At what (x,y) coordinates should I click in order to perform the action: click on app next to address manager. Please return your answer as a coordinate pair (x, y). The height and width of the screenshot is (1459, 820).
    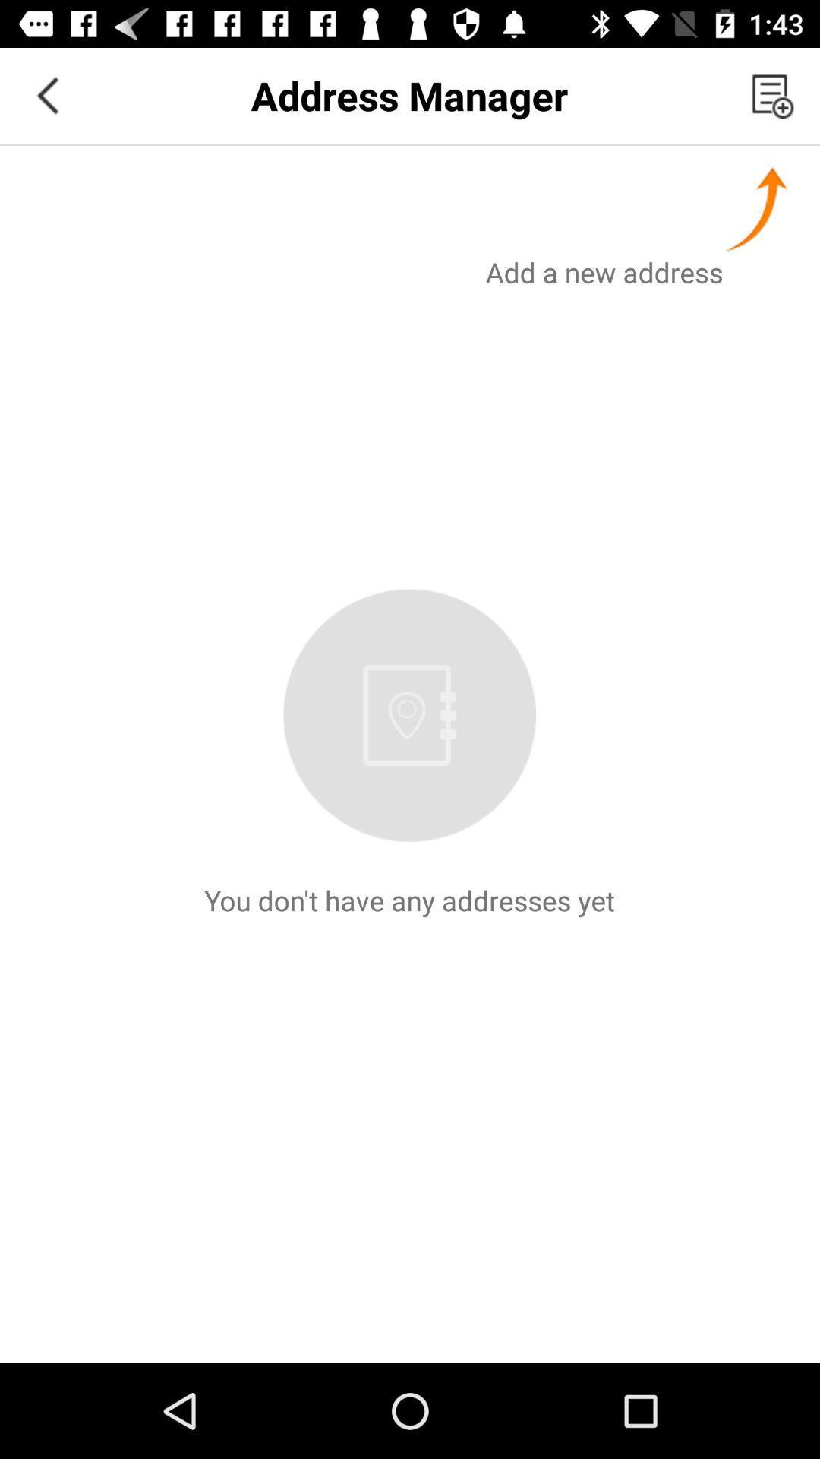
    Looking at the image, I should click on (46, 94).